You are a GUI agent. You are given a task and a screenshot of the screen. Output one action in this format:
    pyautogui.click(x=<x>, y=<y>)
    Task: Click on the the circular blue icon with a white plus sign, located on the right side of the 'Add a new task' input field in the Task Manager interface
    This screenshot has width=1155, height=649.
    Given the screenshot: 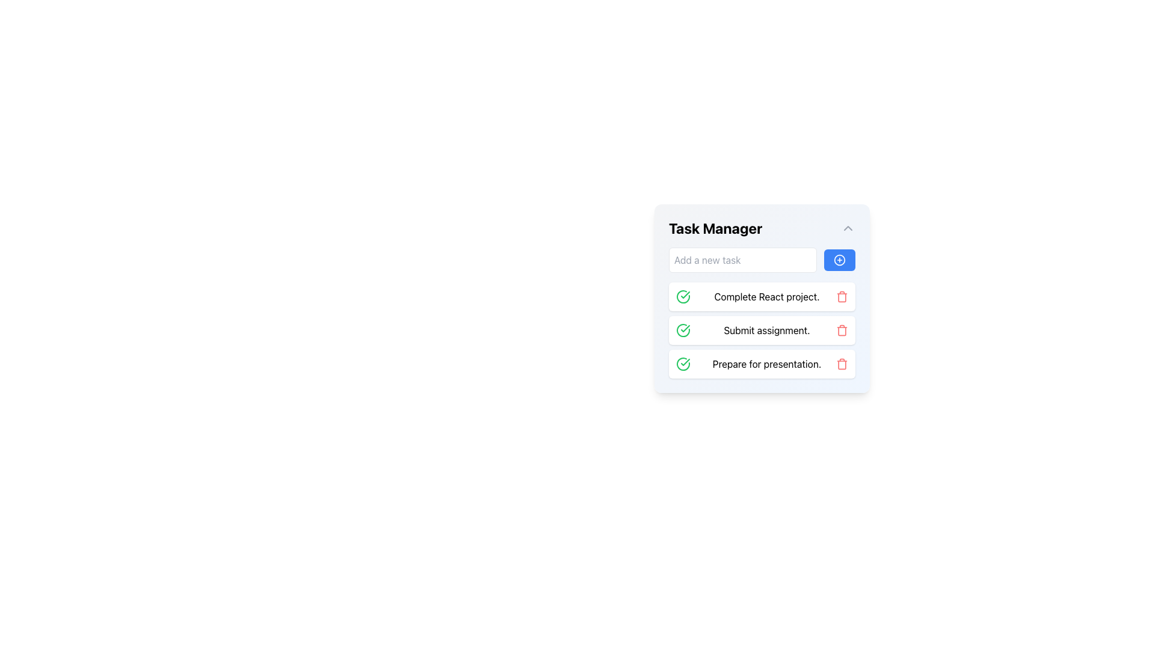 What is the action you would take?
    pyautogui.click(x=839, y=259)
    